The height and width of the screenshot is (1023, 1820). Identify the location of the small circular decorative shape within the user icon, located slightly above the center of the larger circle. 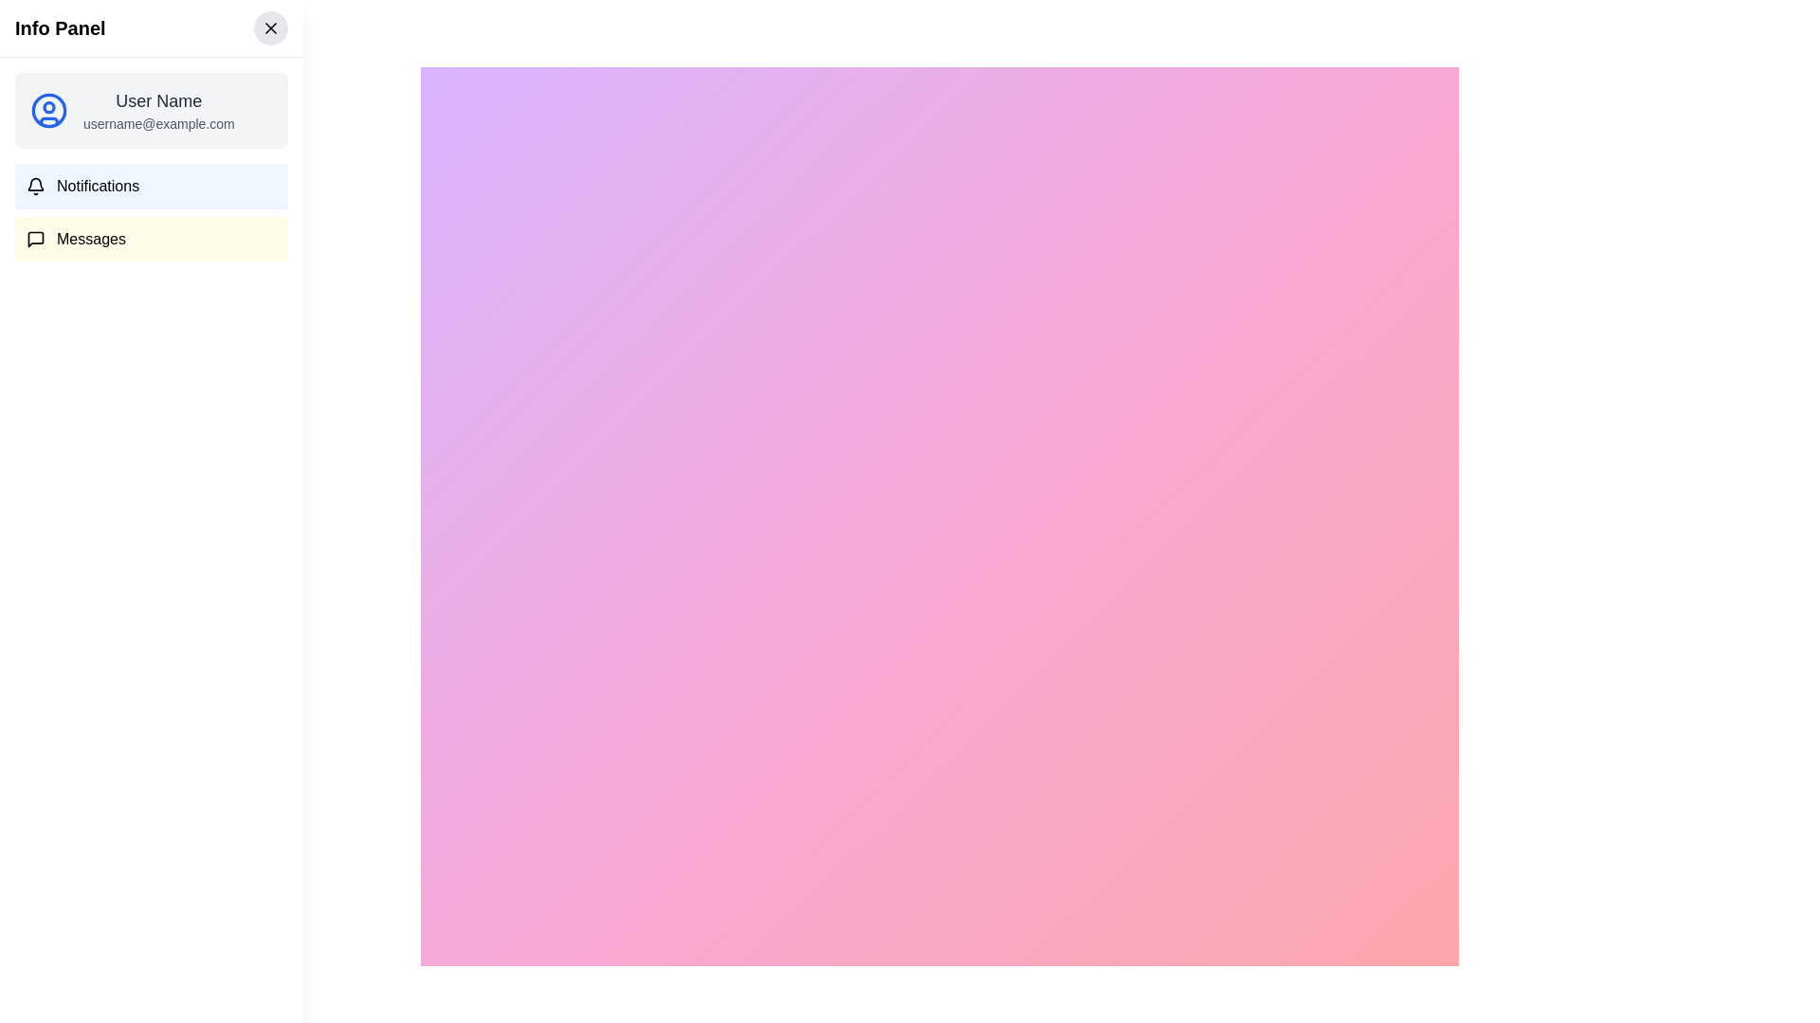
(49, 106).